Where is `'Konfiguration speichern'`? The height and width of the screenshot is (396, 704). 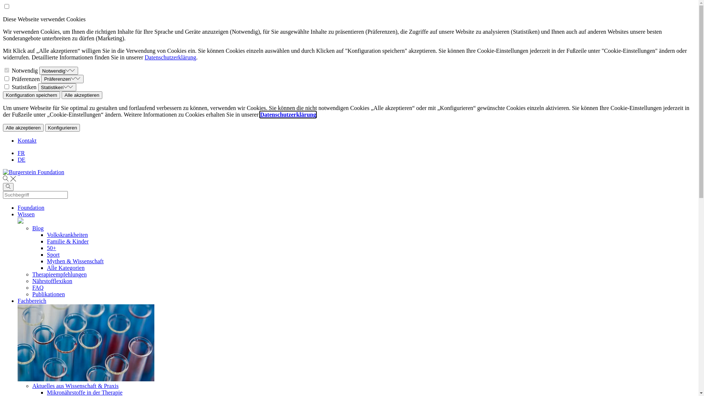 'Konfiguration speichern' is located at coordinates (31, 95).